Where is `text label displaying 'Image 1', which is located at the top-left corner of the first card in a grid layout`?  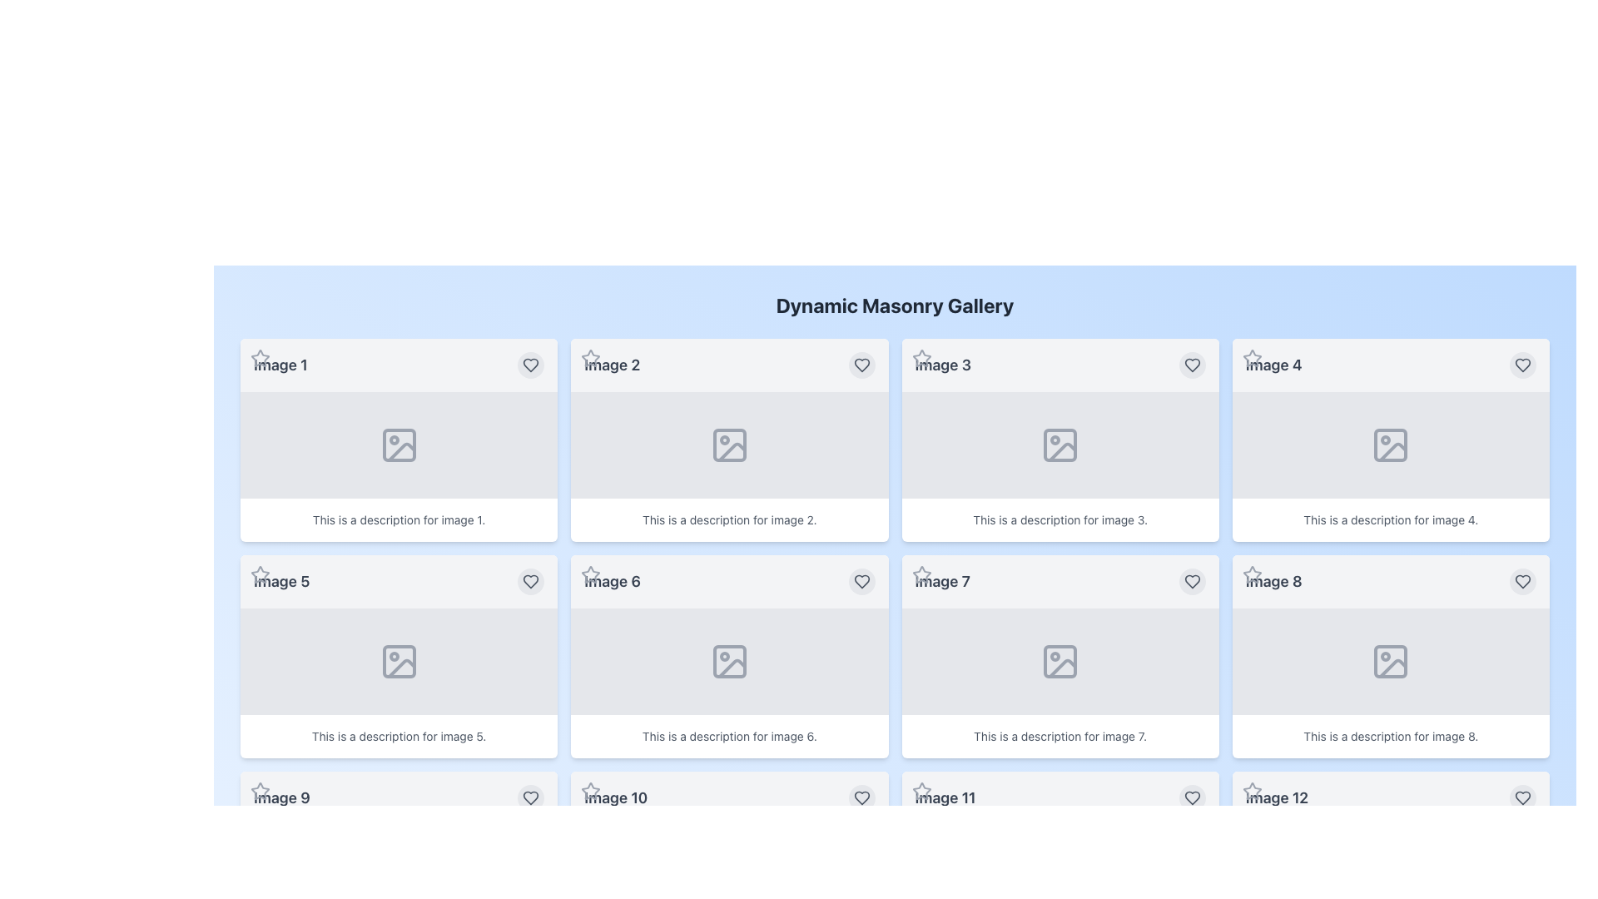 text label displaying 'Image 1', which is located at the top-left corner of the first card in a grid layout is located at coordinates (280, 365).